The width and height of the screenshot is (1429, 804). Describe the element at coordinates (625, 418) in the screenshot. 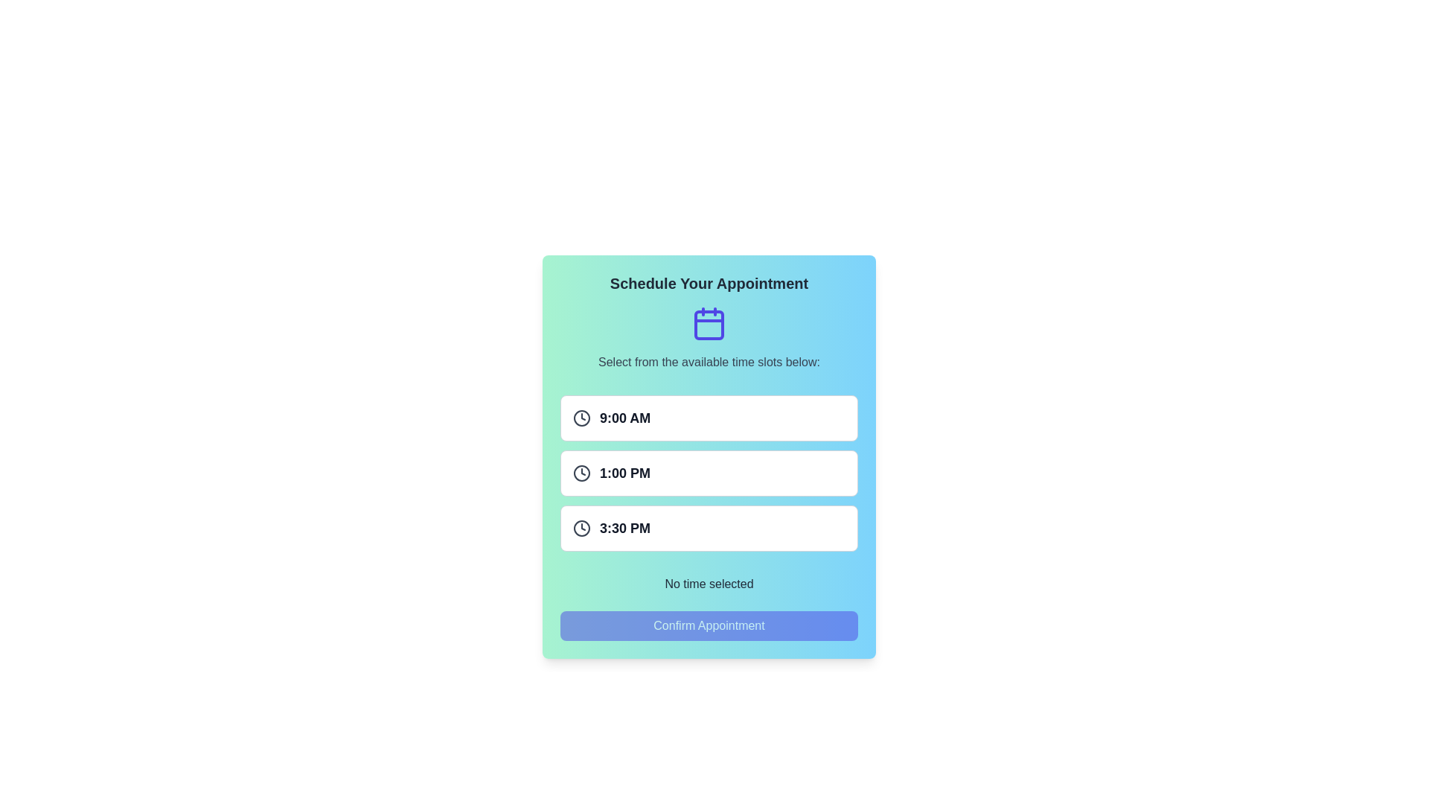

I see `the static text displaying '9:00 AM' which is bold and large in dark gray color, located in the first time slot of the appointment options list` at that location.